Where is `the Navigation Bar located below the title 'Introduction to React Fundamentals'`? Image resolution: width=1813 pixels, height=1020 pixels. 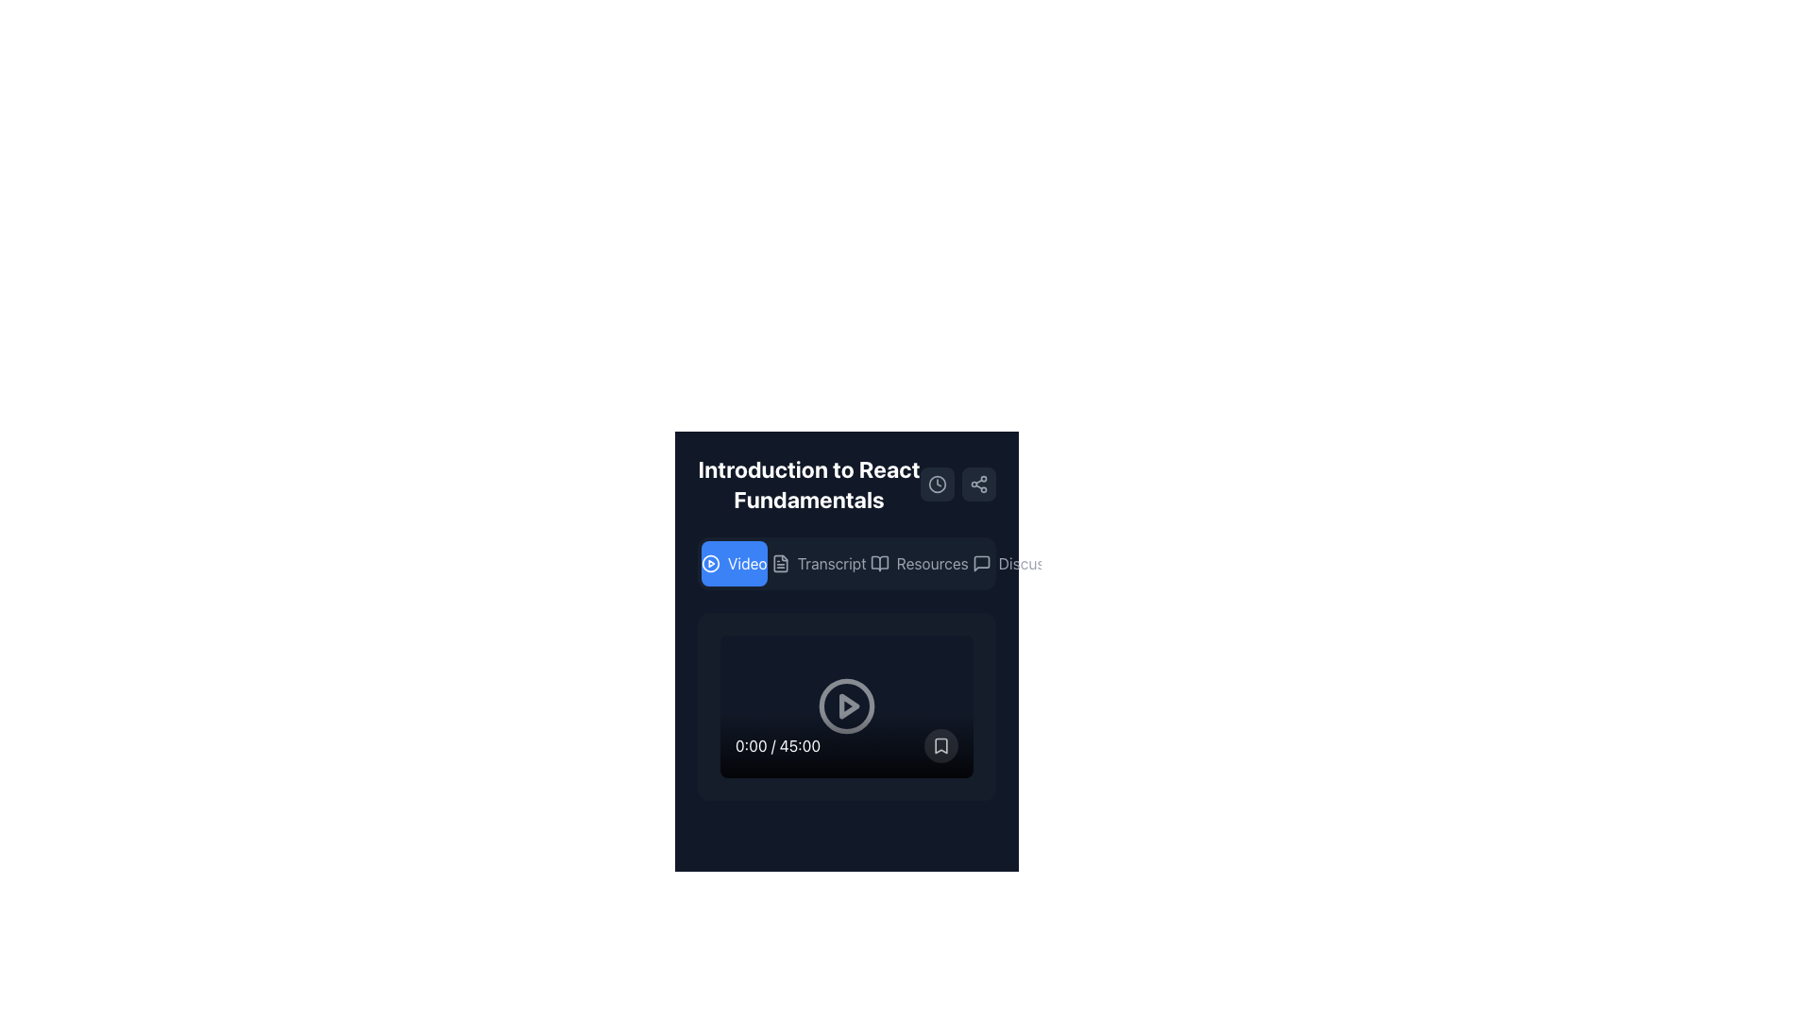
the Navigation Bar located below the title 'Introduction to React Fundamentals' is located at coordinates (846, 563).